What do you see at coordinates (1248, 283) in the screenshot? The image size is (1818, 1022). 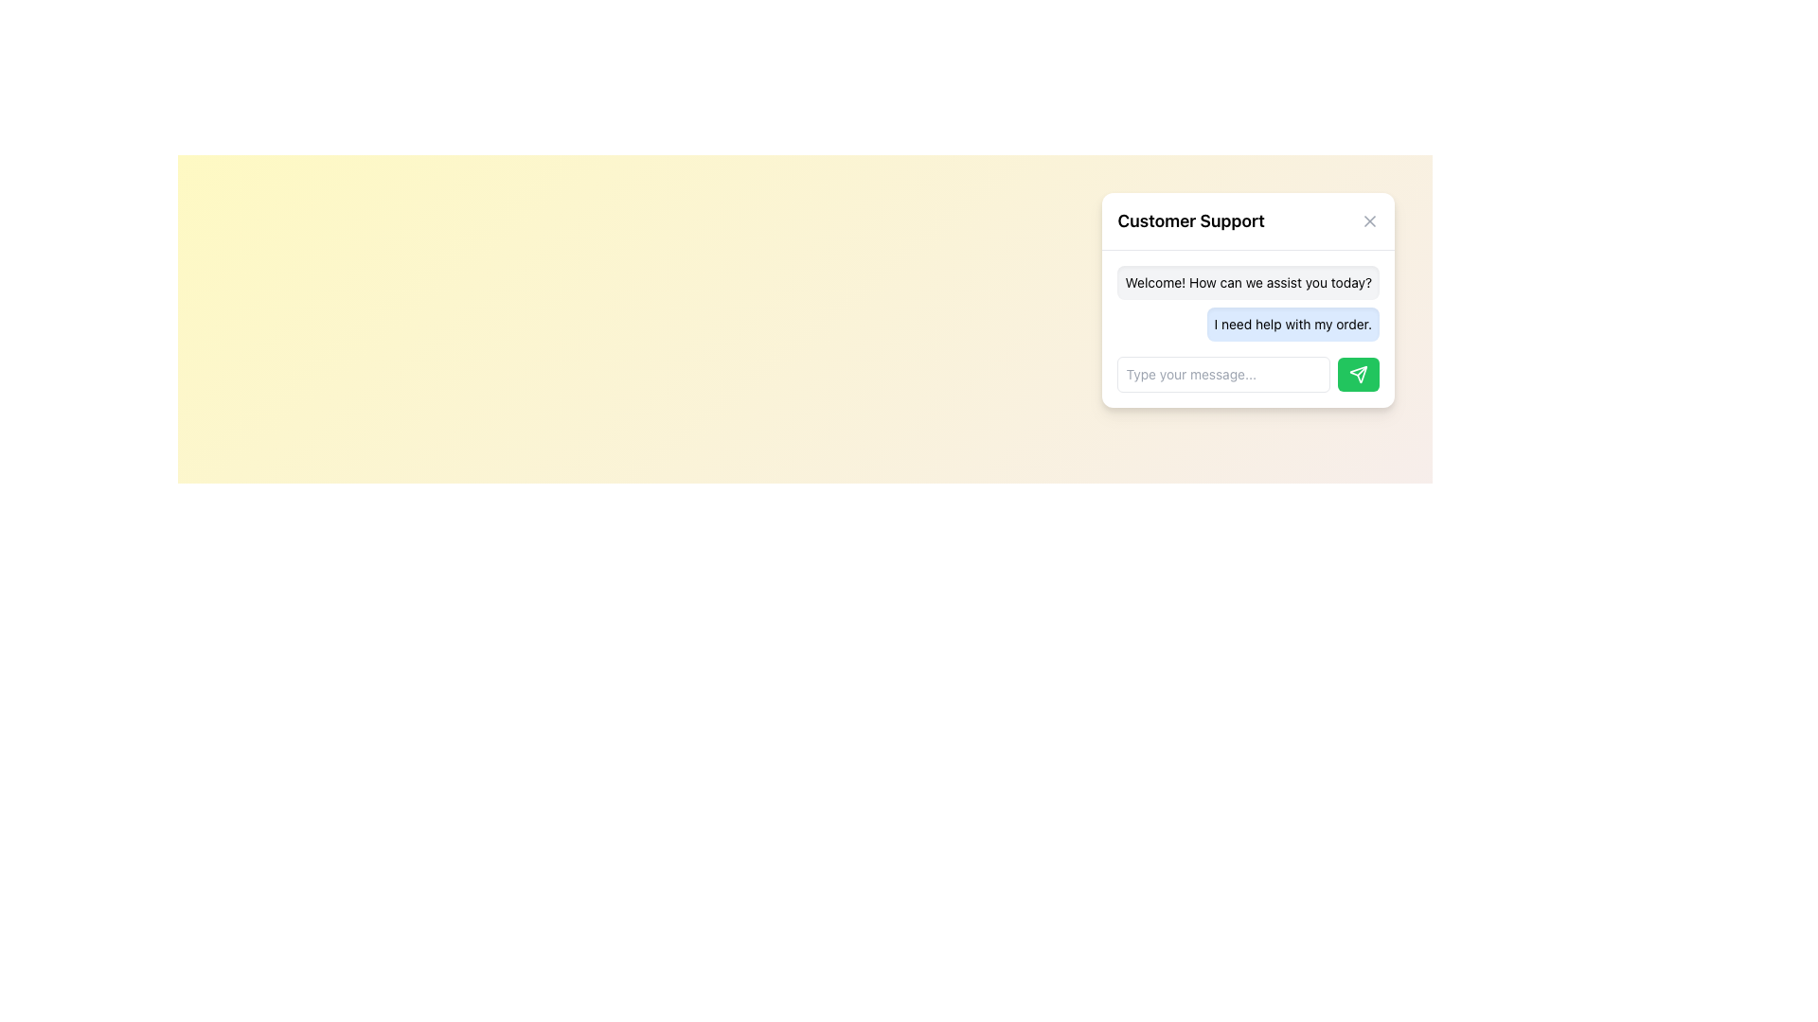 I see `the welcoming text display element in the 'Customer Support' chat window, located at the top of the main content area` at bounding box center [1248, 283].